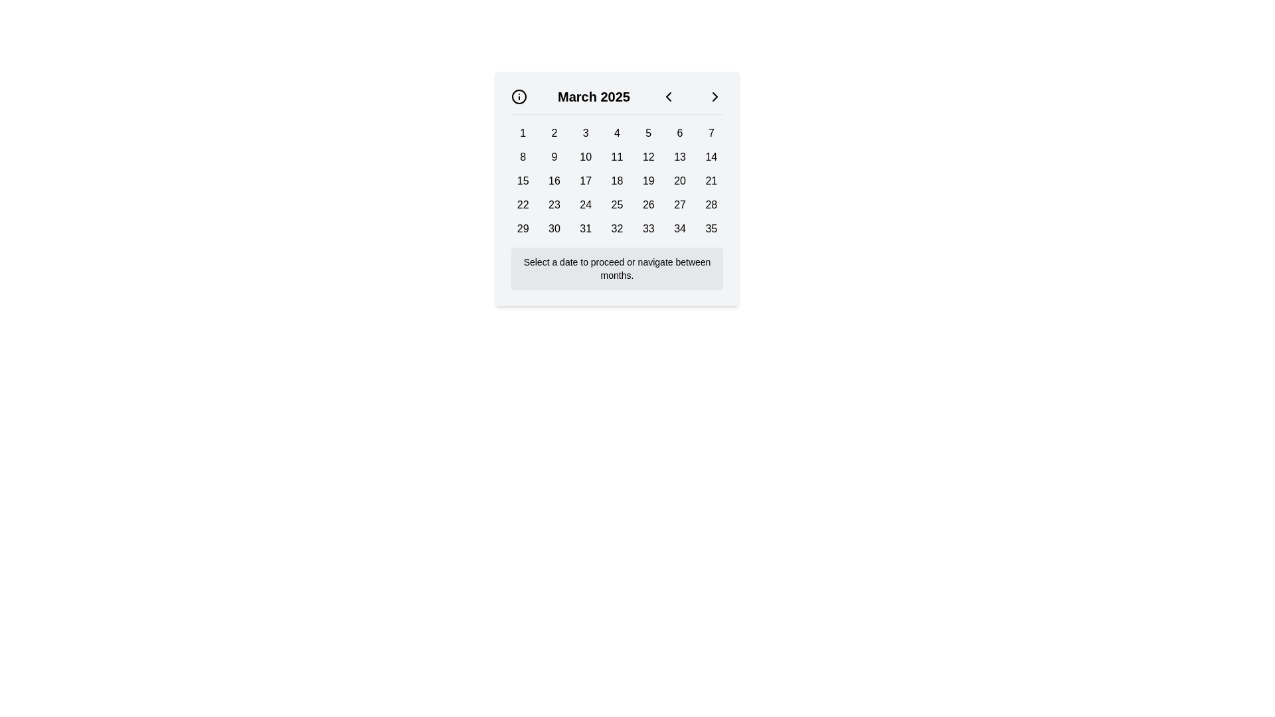  What do you see at coordinates (616, 181) in the screenshot?
I see `the grid layout containing buttons numbered from 1 to 35` at bounding box center [616, 181].